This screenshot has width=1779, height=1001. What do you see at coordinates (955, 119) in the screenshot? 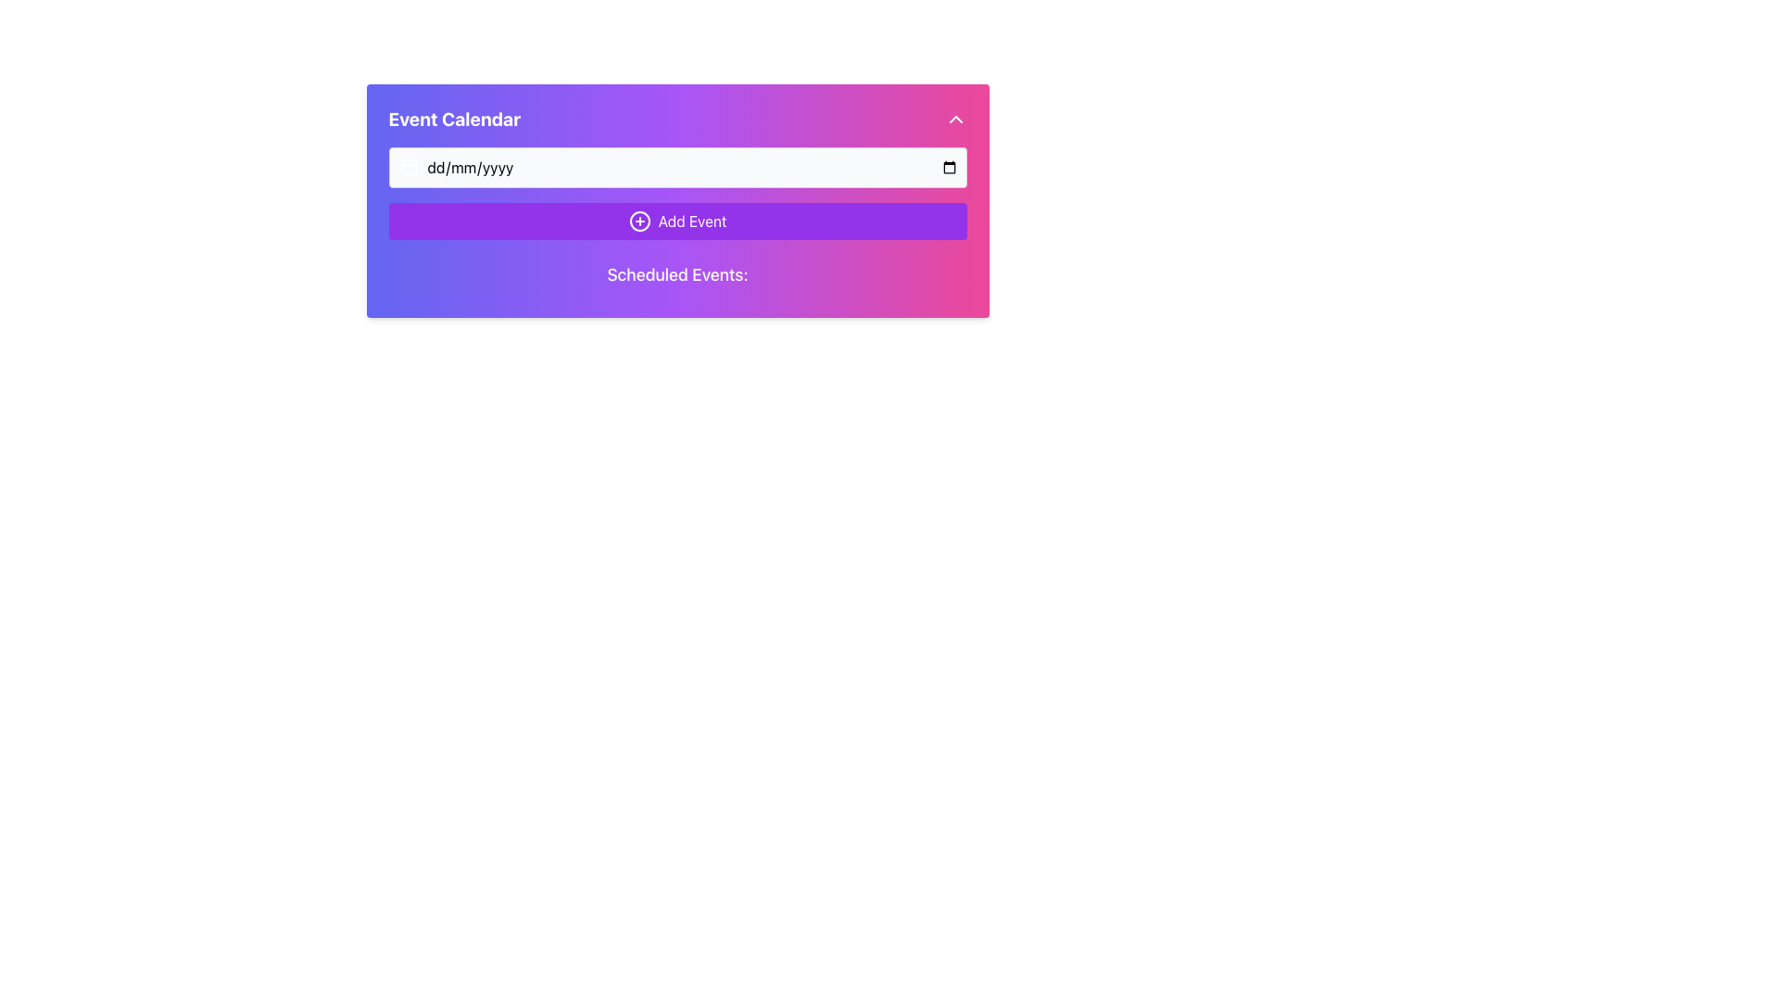
I see `the small triangular upward-pointing chevron button with a white outline on a pink background located at the top-right corner of the 'Event Calendar' section` at bounding box center [955, 119].